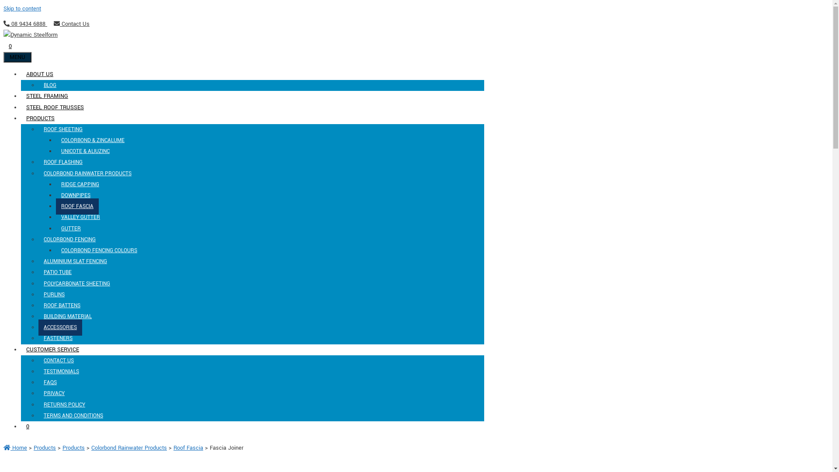  What do you see at coordinates (90, 174) in the screenshot?
I see `'COLORBOND RAINWATER PRODUCTS'` at bounding box center [90, 174].